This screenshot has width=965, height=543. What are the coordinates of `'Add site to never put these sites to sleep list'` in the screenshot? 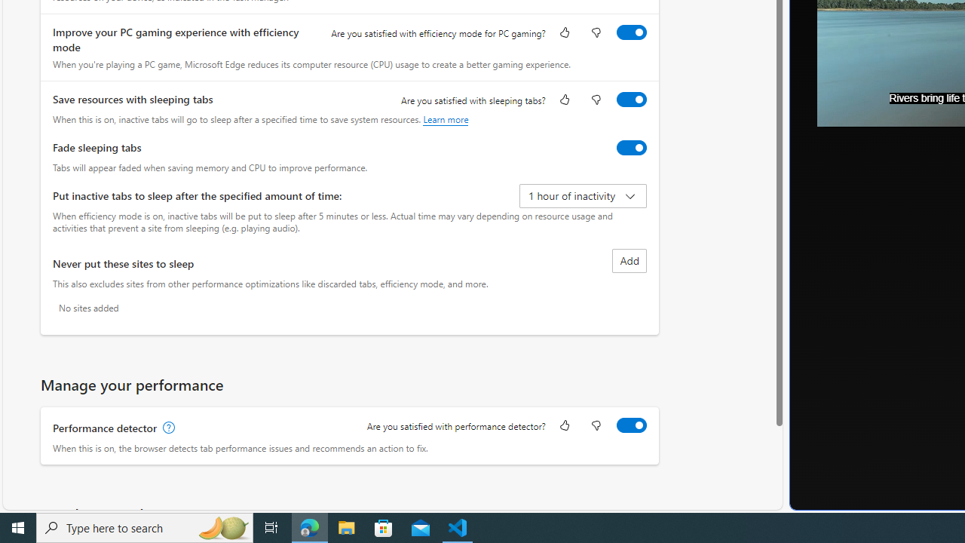 It's located at (629, 259).